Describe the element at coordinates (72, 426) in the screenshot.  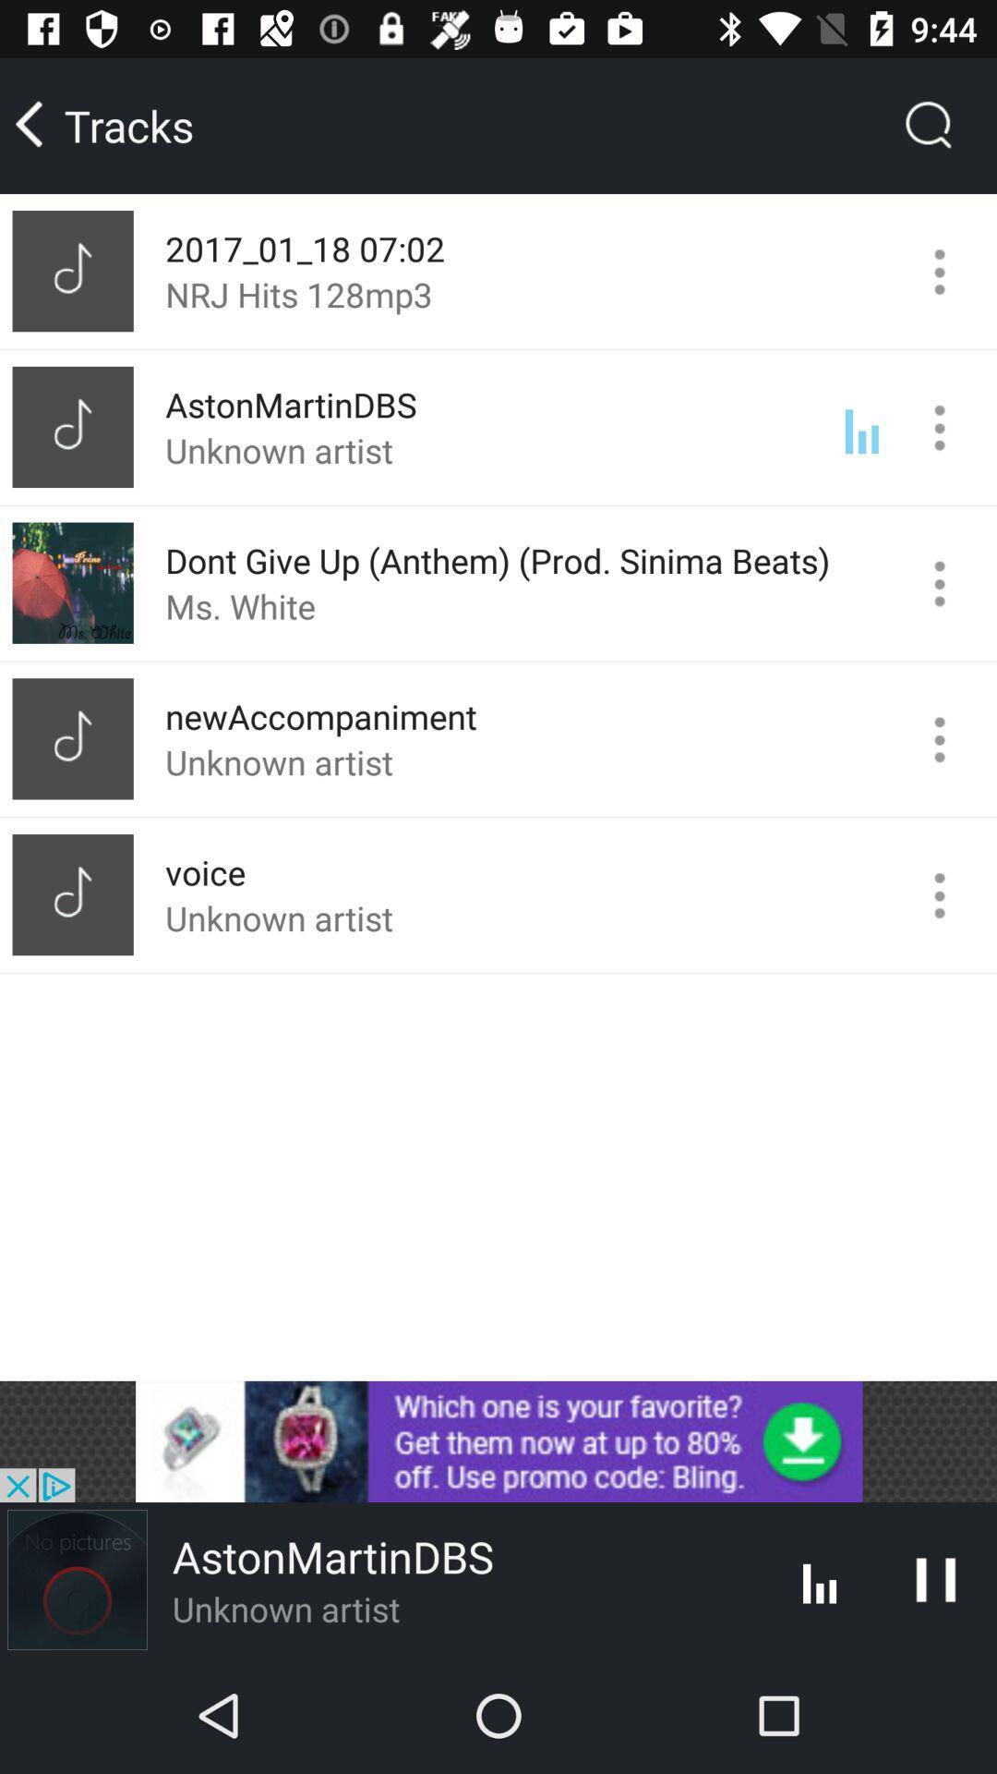
I see `mini image left to astonmrtindbs` at that location.